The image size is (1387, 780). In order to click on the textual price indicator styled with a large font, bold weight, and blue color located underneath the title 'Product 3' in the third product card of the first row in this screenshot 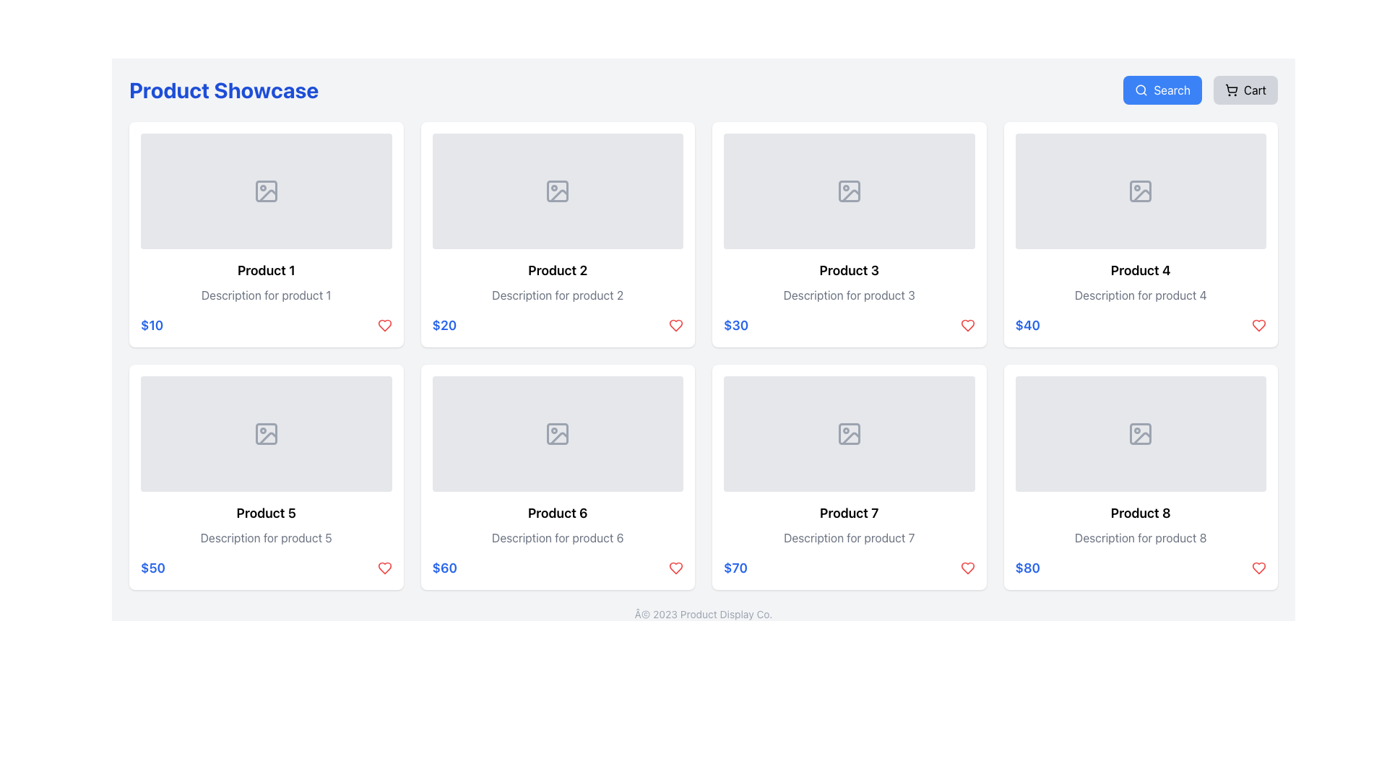, I will do `click(736, 326)`.